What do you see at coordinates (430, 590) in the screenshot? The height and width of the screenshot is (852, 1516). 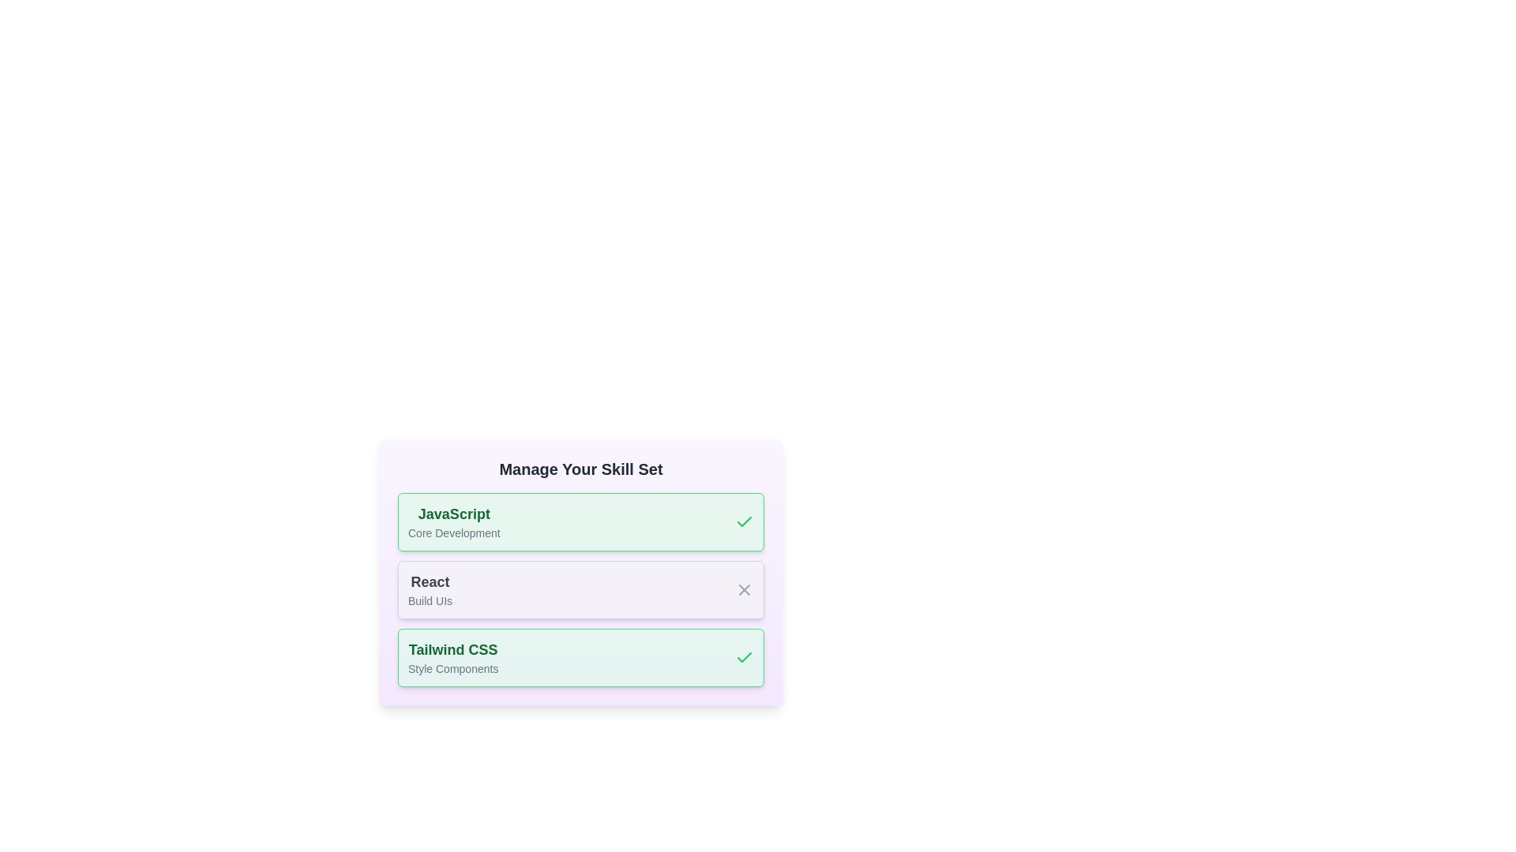 I see `the skill entry corresponding to React to view its details` at bounding box center [430, 590].